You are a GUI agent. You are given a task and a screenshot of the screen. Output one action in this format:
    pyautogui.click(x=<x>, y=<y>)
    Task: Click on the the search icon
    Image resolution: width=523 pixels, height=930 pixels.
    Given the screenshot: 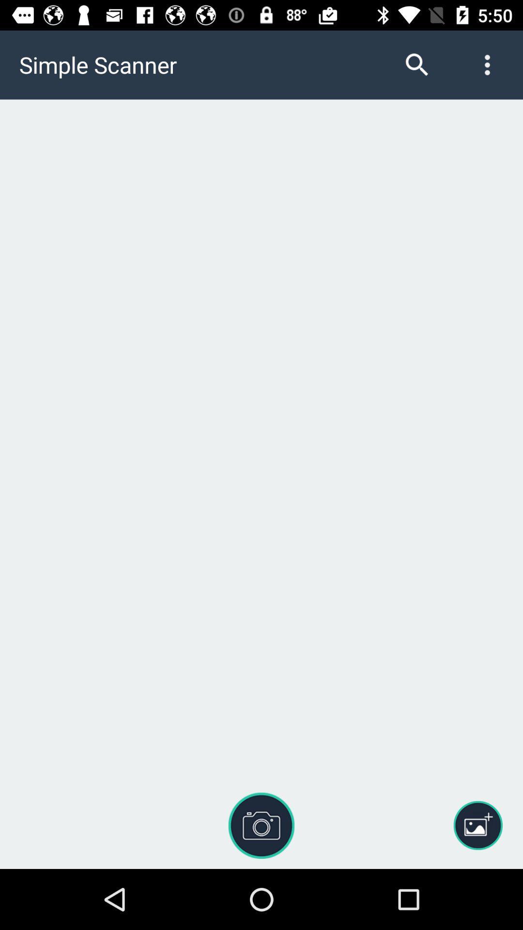 What is the action you would take?
    pyautogui.click(x=416, y=64)
    